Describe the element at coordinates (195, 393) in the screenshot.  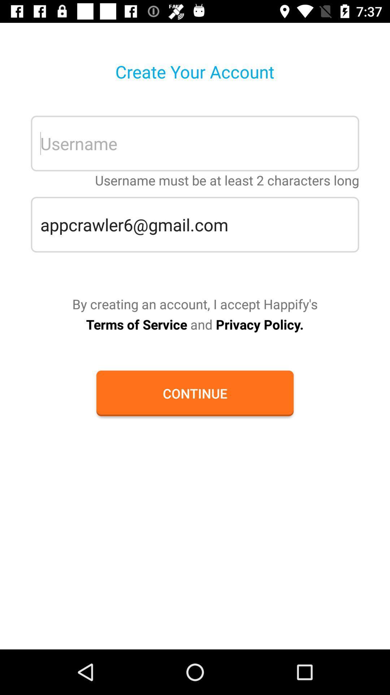
I see `the continue` at that location.